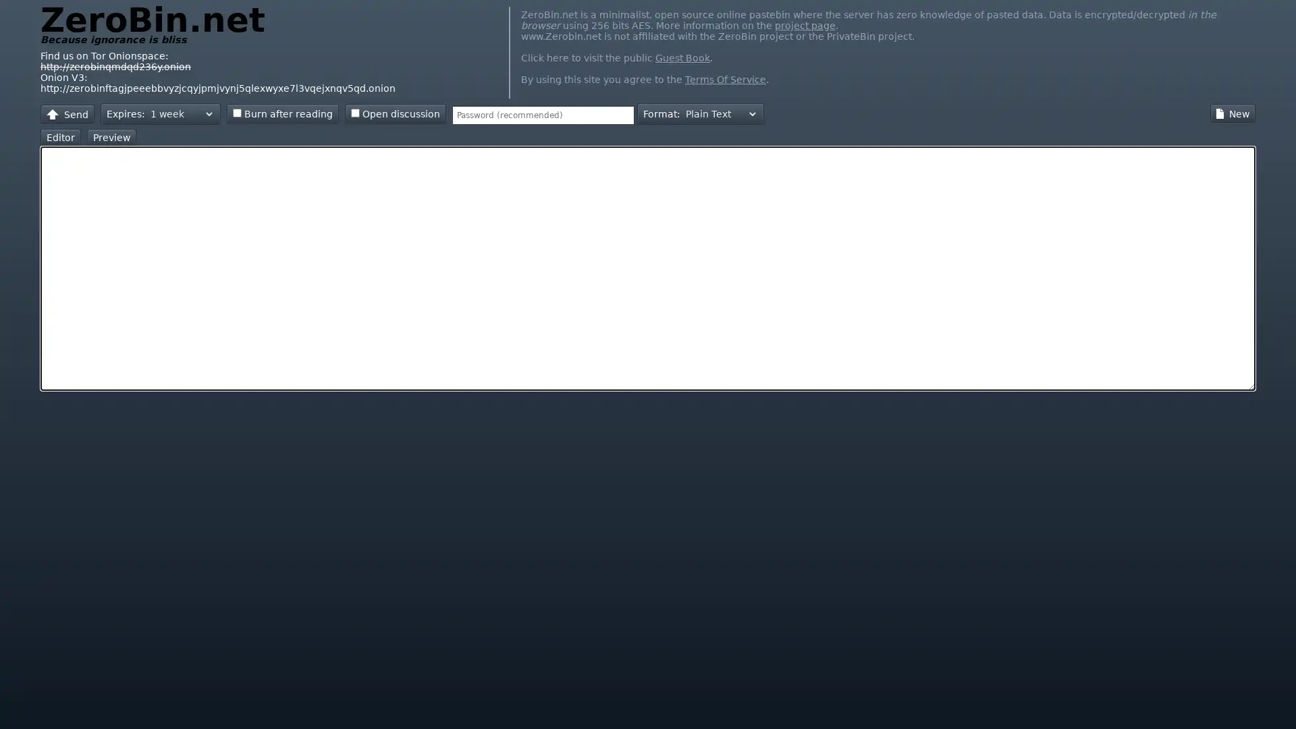  What do you see at coordinates (60, 138) in the screenshot?
I see `Editor` at bounding box center [60, 138].